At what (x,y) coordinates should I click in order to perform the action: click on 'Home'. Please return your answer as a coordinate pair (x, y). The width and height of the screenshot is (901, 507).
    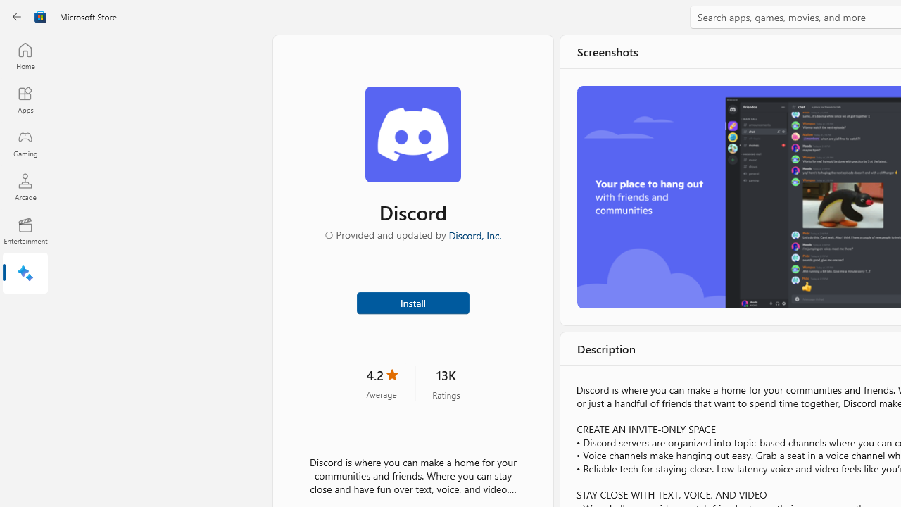
    Looking at the image, I should click on (25, 55).